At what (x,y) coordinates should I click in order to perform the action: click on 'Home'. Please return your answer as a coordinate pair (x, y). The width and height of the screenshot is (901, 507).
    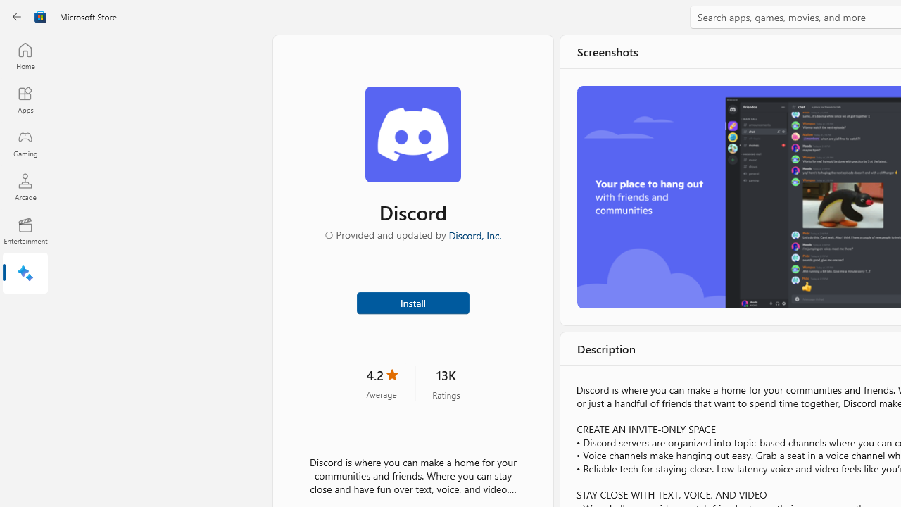
    Looking at the image, I should click on (25, 55).